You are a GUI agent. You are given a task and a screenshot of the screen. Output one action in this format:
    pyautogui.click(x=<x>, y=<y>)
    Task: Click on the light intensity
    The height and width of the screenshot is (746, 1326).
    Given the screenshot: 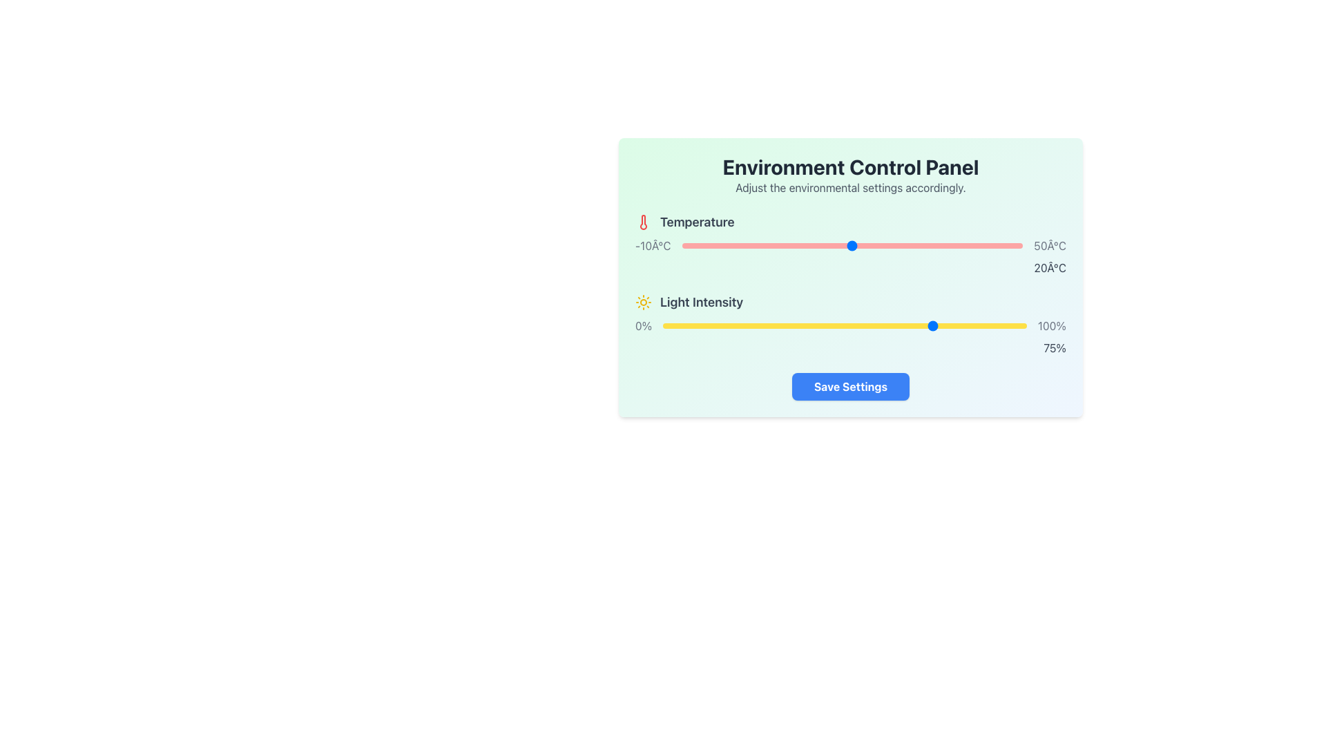 What is the action you would take?
    pyautogui.click(x=829, y=325)
    